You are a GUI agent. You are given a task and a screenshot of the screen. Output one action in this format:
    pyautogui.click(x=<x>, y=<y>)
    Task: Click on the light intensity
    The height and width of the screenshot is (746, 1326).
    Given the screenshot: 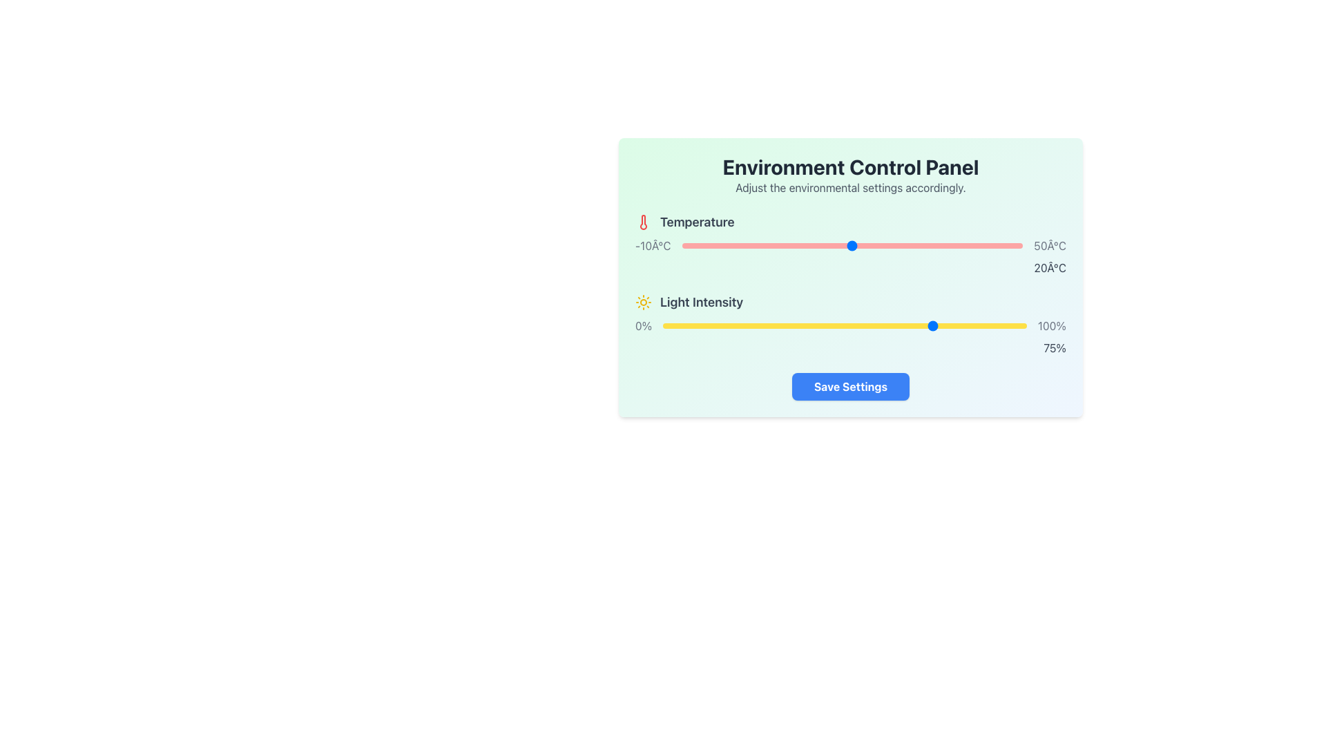 What is the action you would take?
    pyautogui.click(x=829, y=325)
    